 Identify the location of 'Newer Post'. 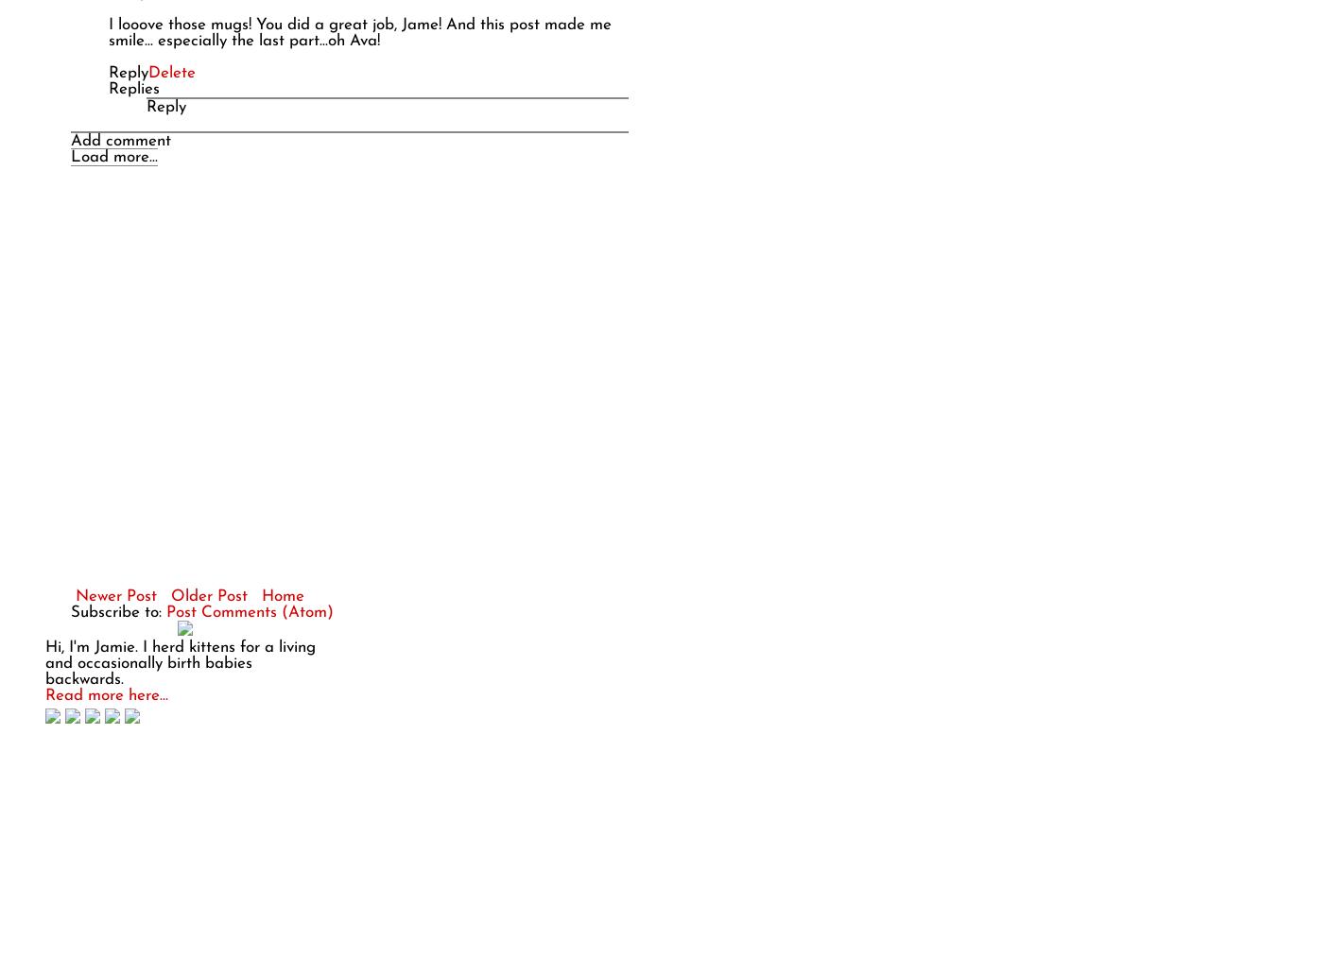
(116, 594).